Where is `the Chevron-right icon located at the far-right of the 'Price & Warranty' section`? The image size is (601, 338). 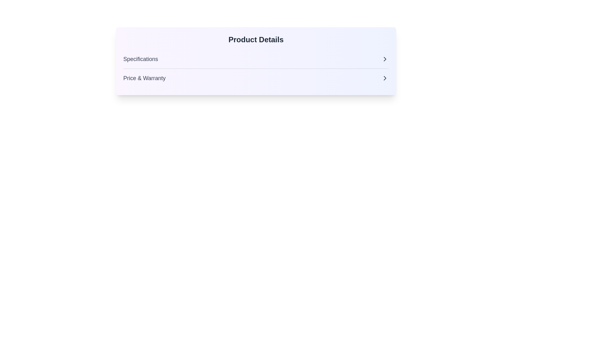
the Chevron-right icon located at the far-right of the 'Price & Warranty' section is located at coordinates (384, 78).